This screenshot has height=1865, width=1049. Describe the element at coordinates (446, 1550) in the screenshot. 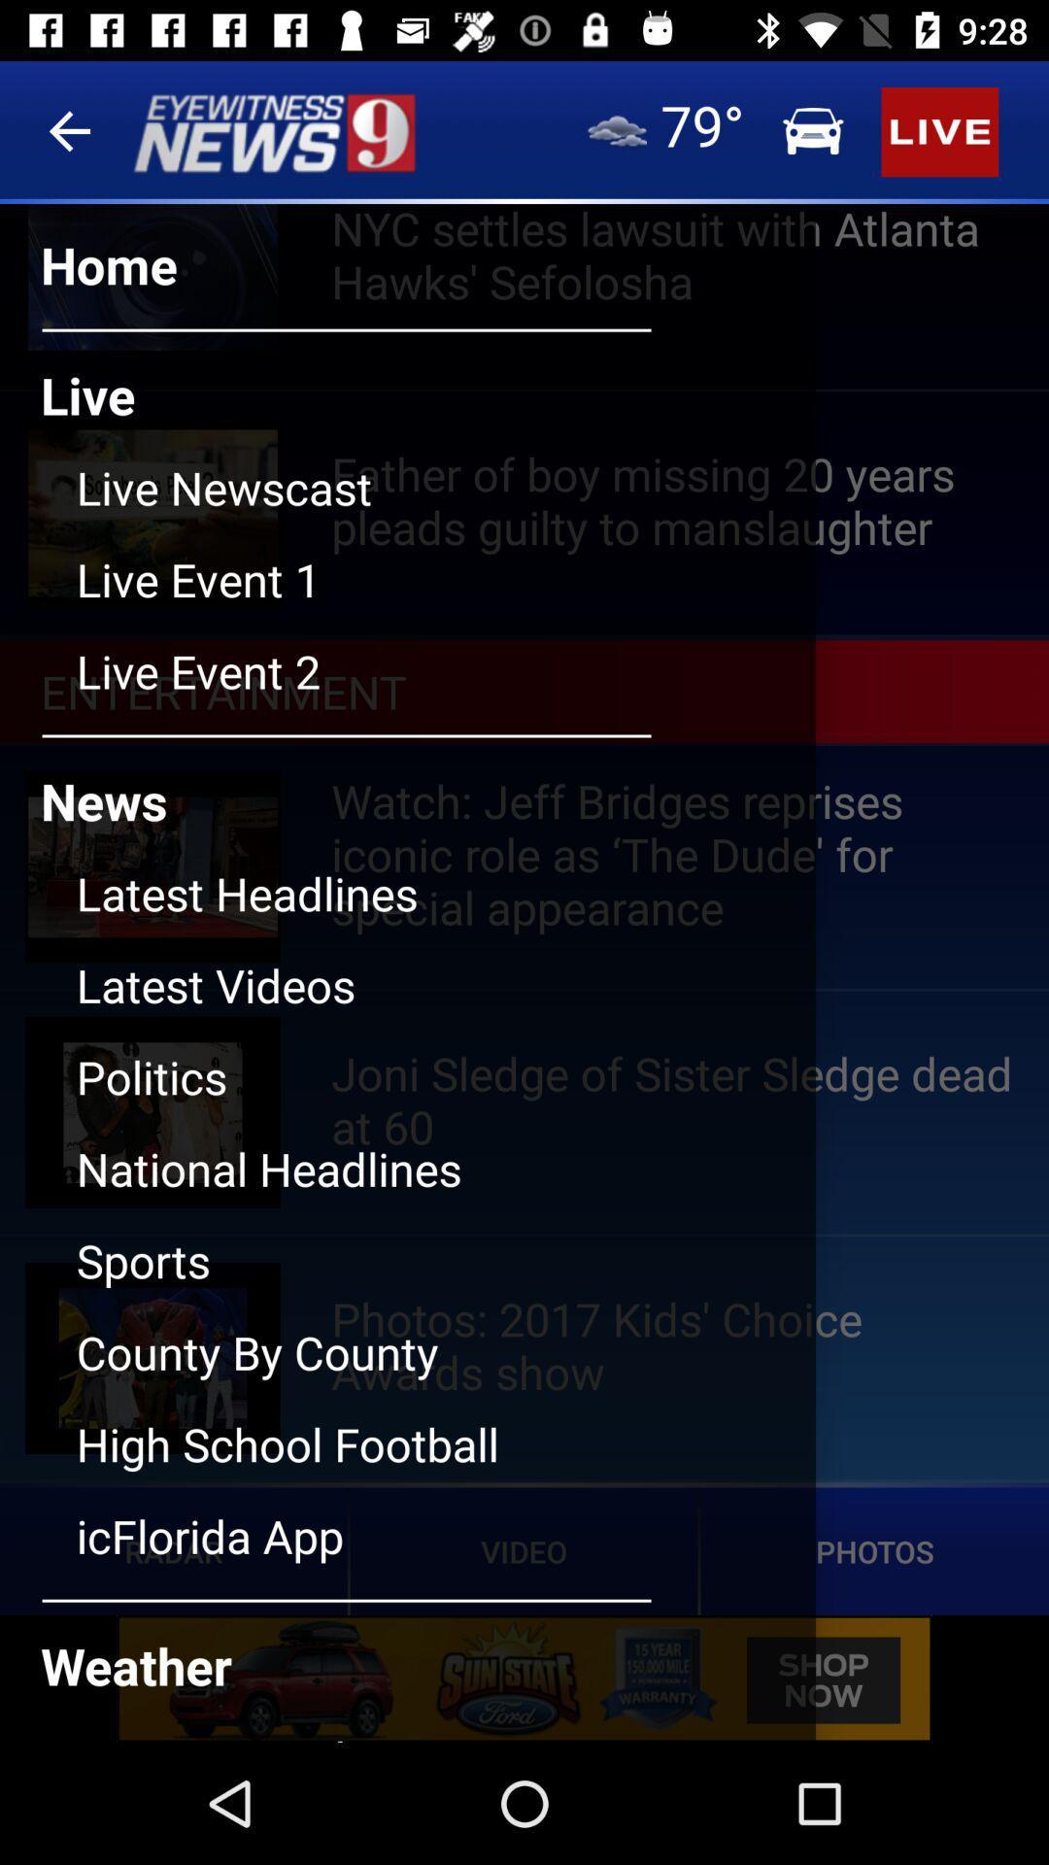

I see `last option under news` at that location.